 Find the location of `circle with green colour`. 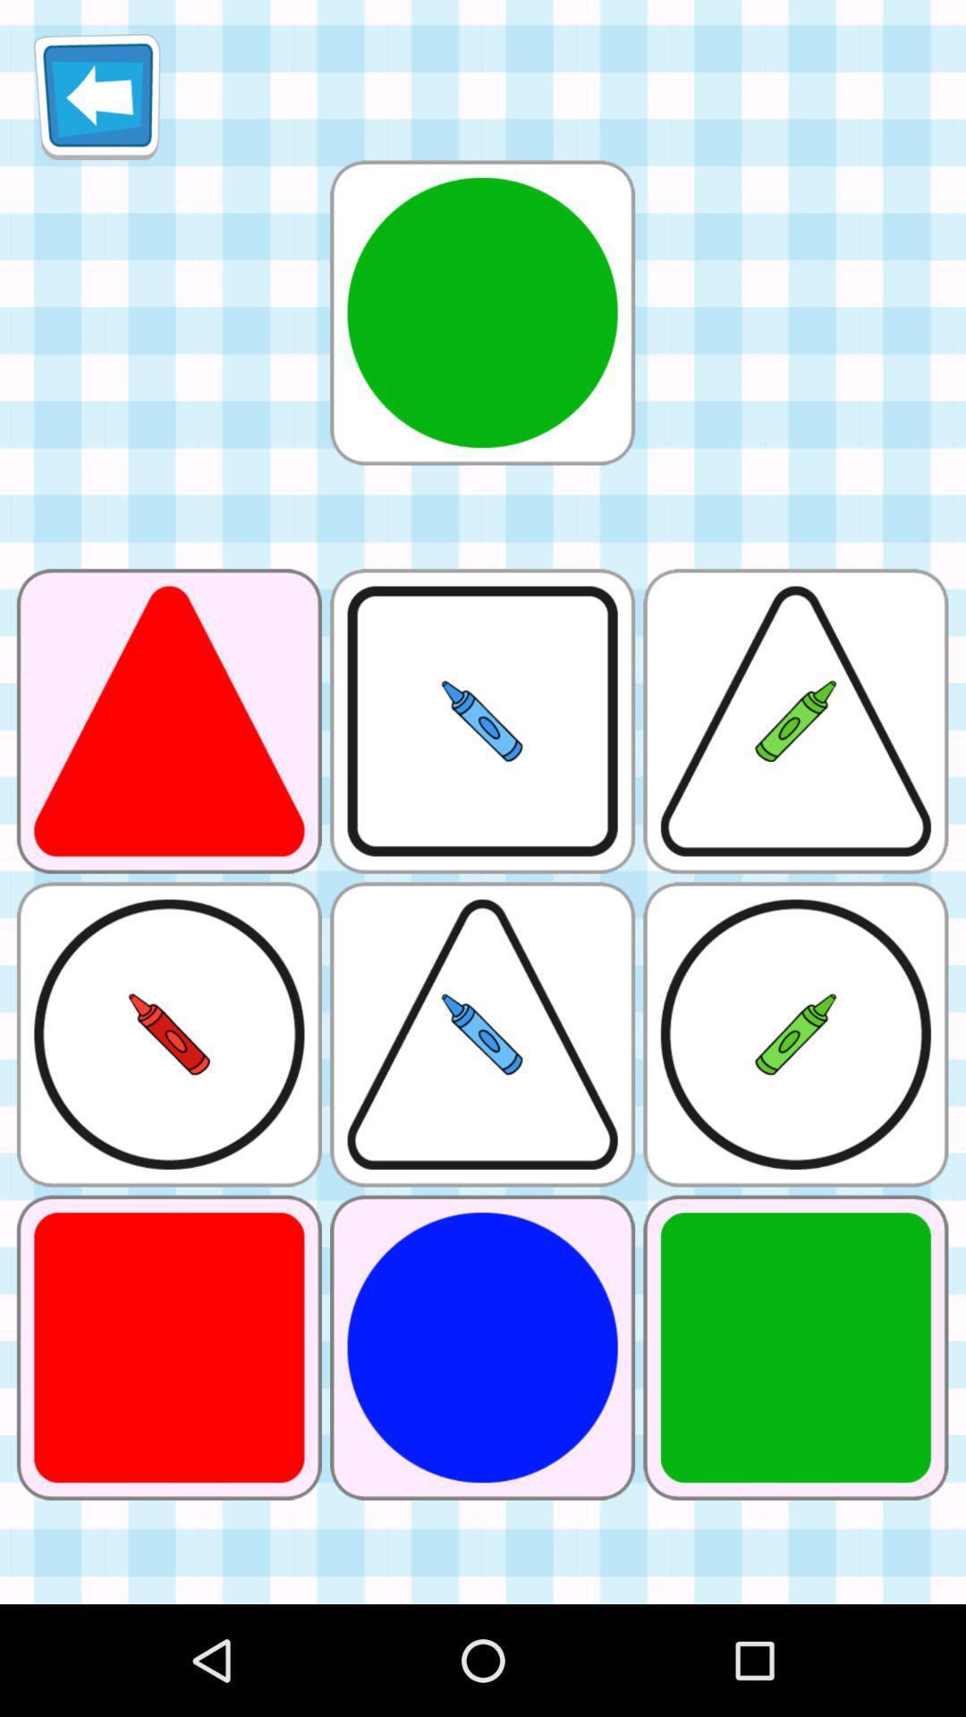

circle with green colour is located at coordinates (481, 312).